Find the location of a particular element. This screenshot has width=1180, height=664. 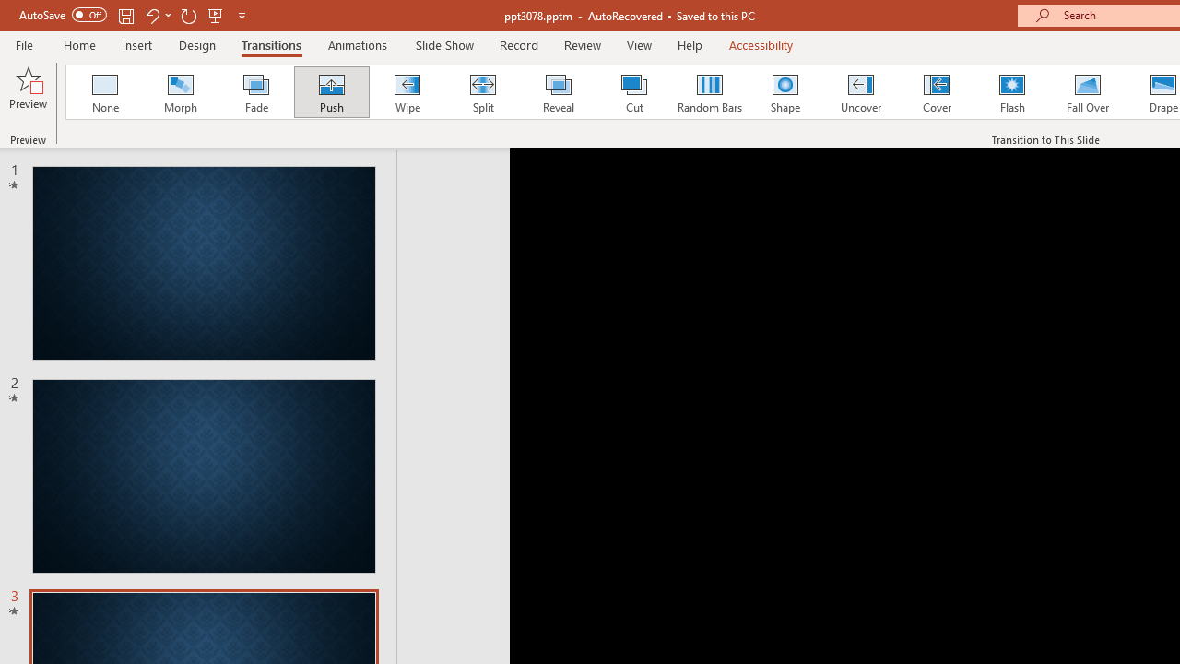

'Push' is located at coordinates (331, 92).